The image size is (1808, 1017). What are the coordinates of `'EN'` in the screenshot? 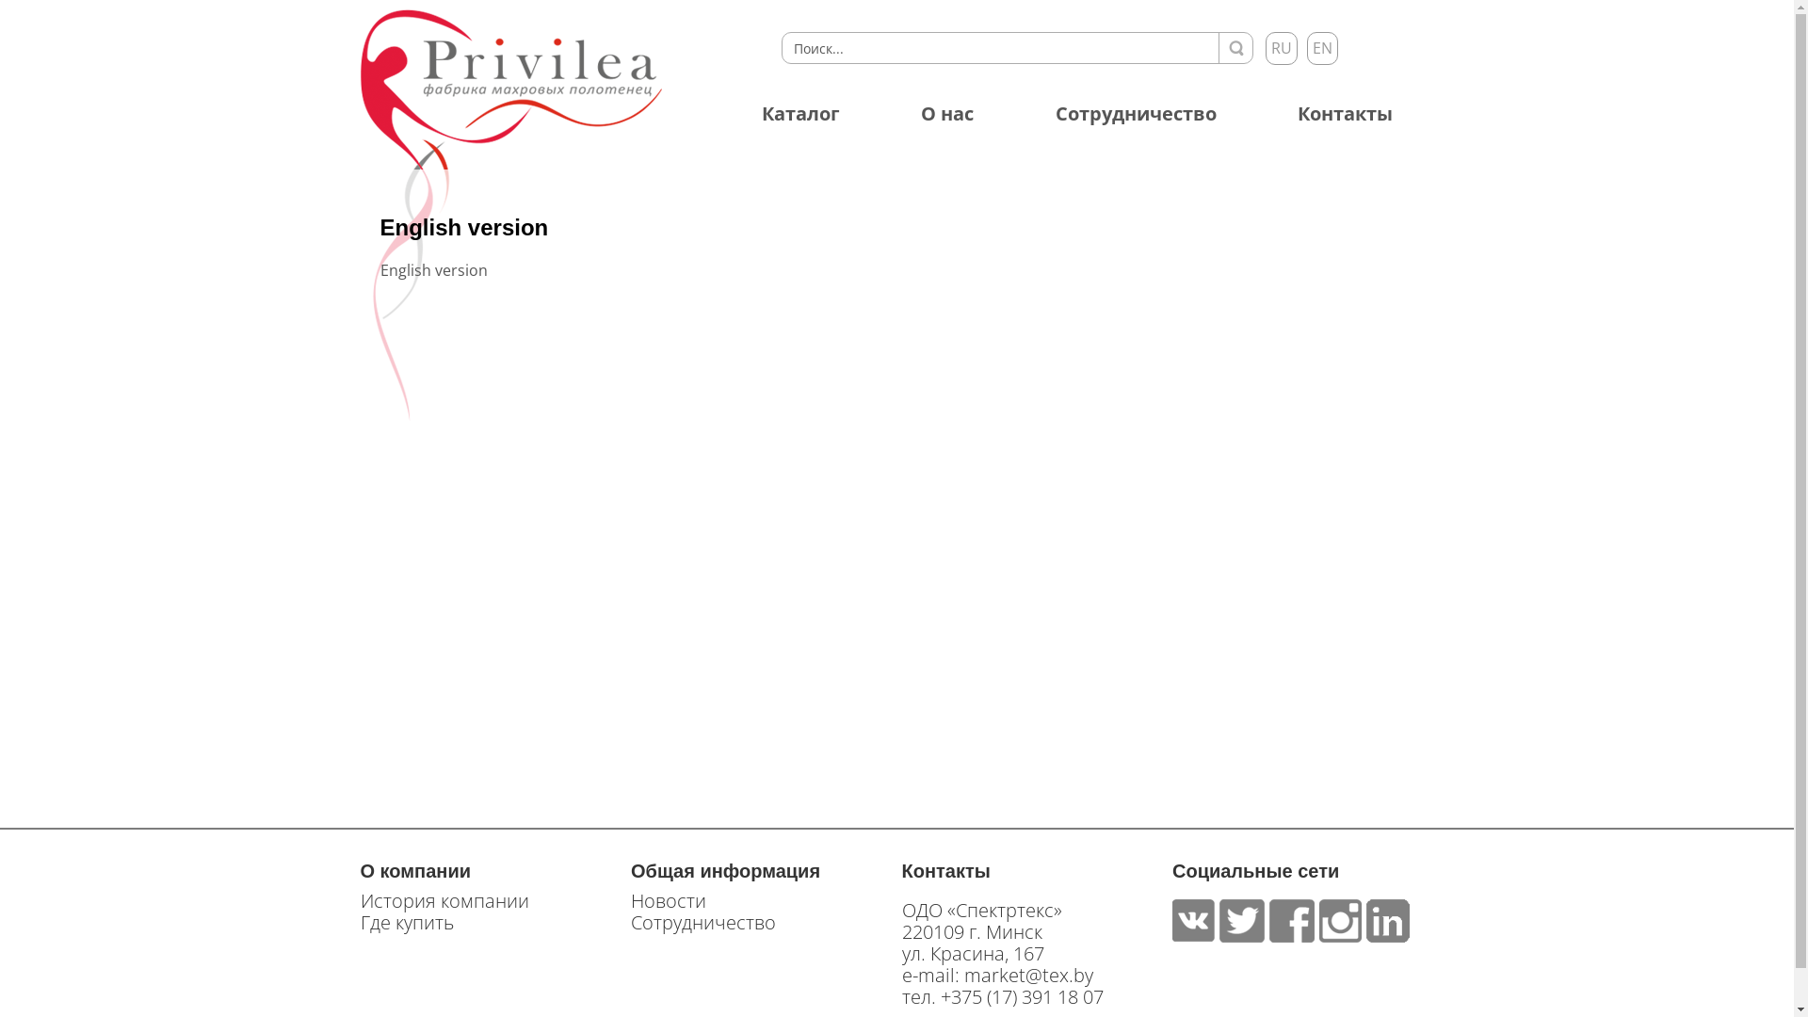 It's located at (1321, 47).